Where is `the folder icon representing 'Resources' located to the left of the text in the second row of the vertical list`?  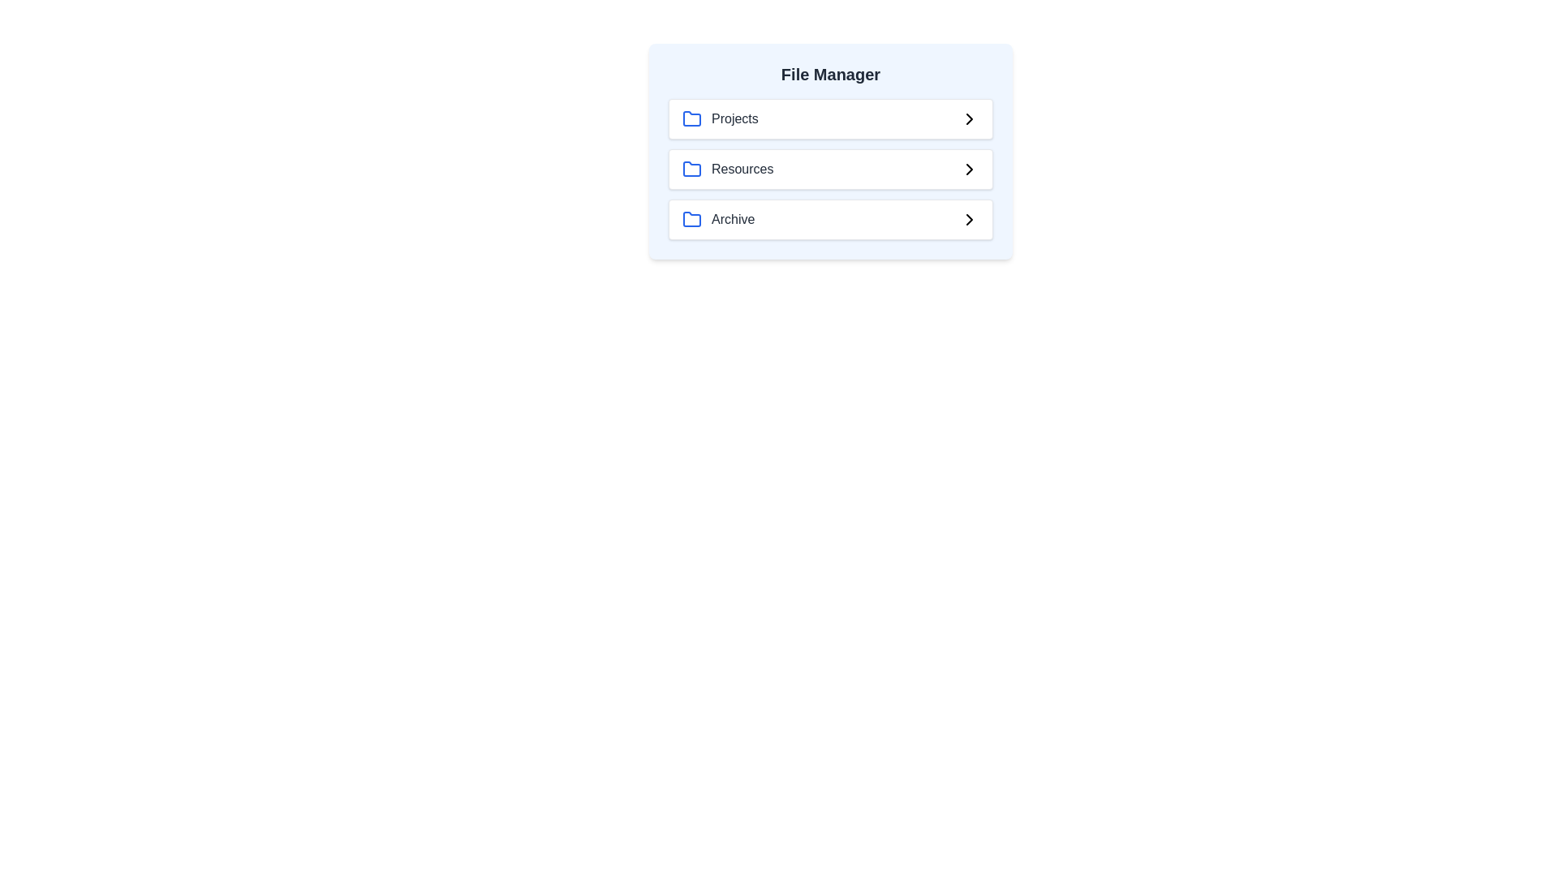 the folder icon representing 'Resources' located to the left of the text in the second row of the vertical list is located at coordinates (692, 169).